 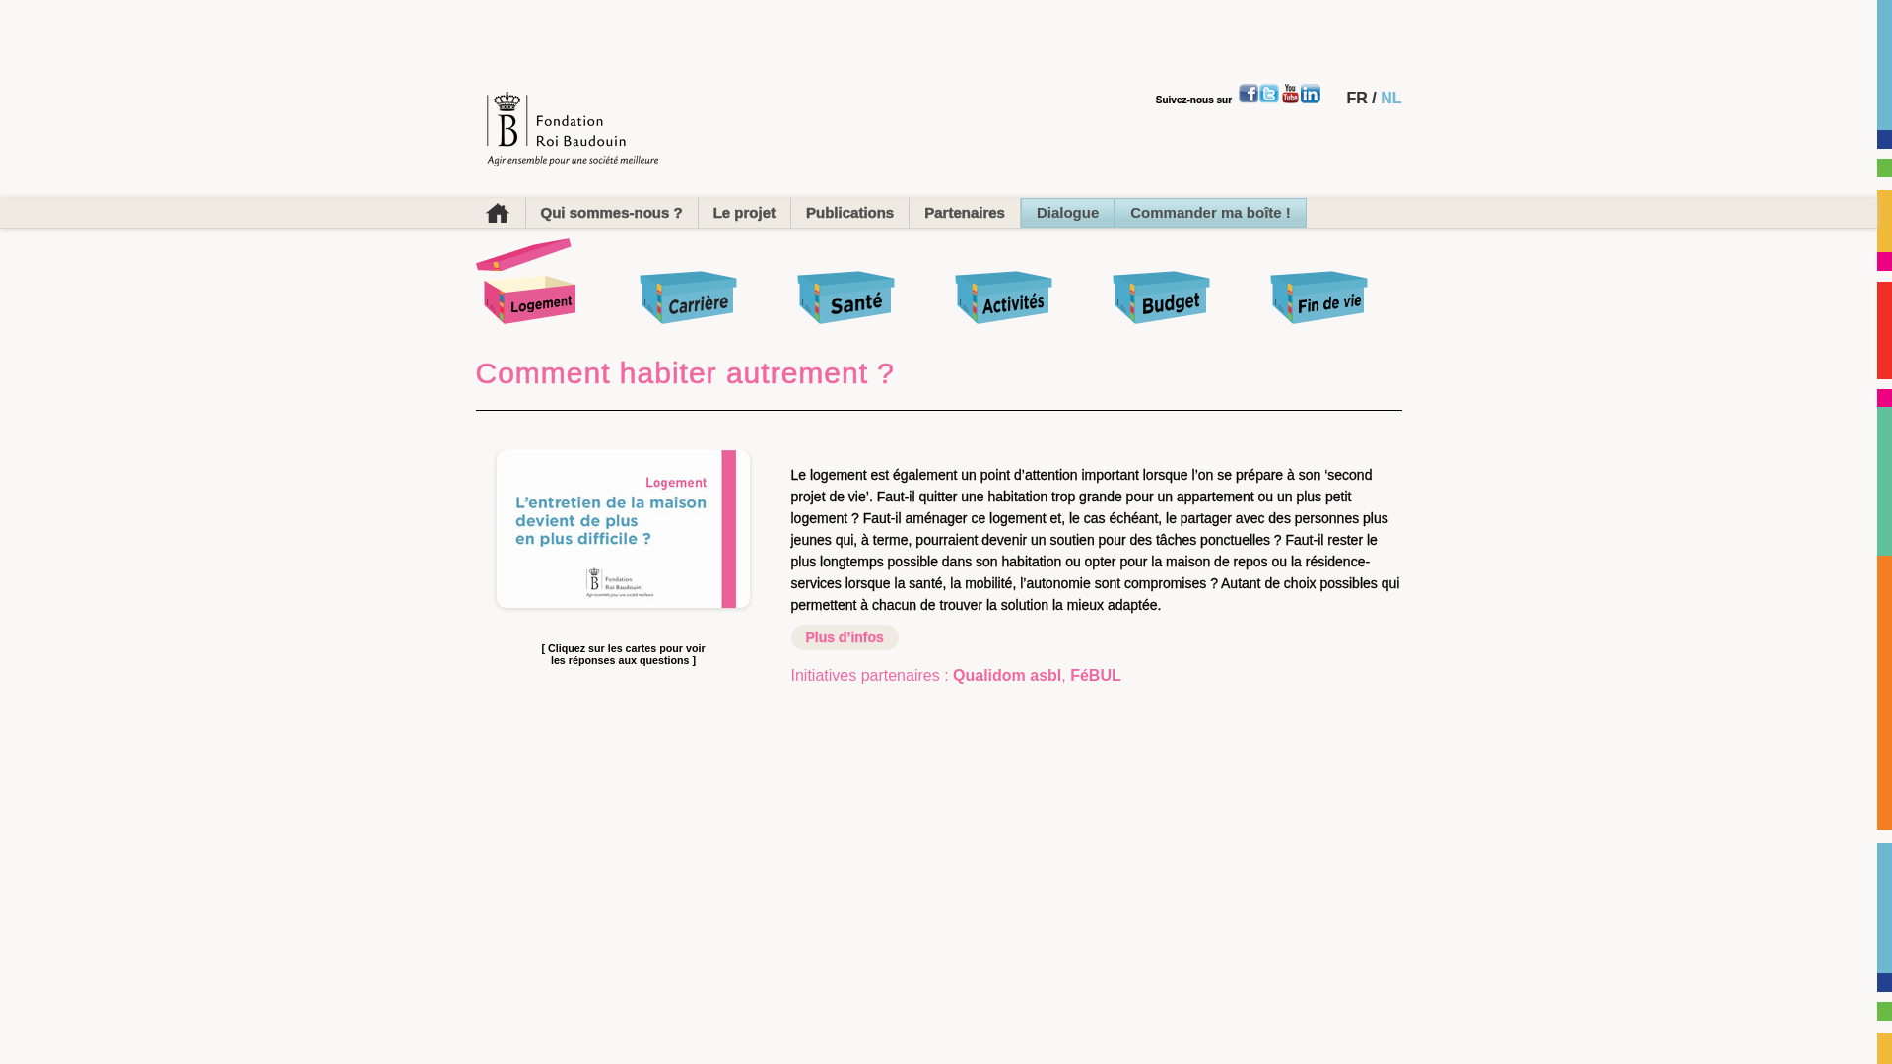 I want to click on 'LinkedIn', so click(x=1310, y=94).